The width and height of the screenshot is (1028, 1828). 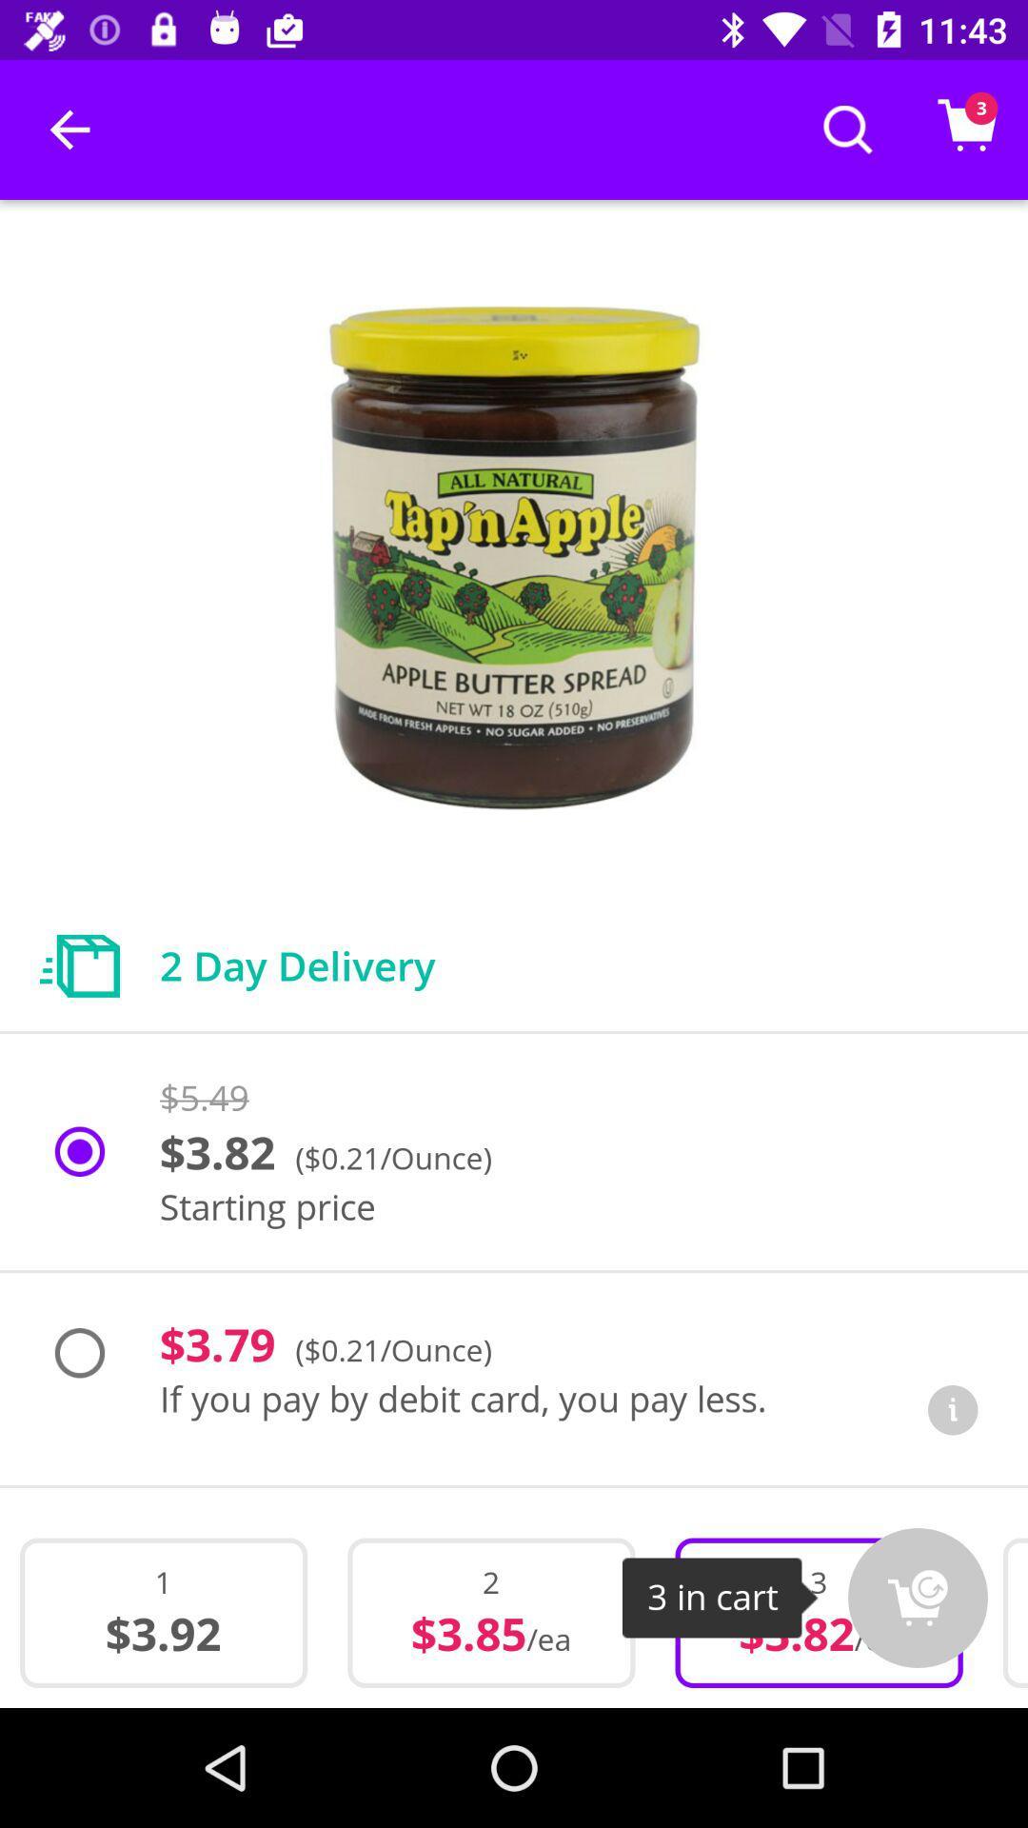 What do you see at coordinates (917, 1598) in the screenshot?
I see `icon to the right of the 3 icon` at bounding box center [917, 1598].